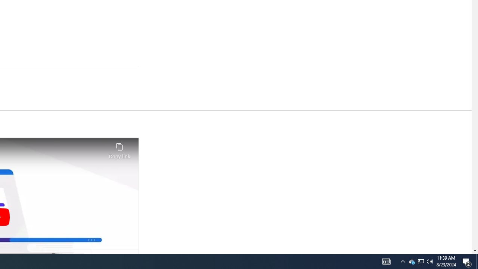 The height and width of the screenshot is (269, 478). Describe the element at coordinates (119, 149) in the screenshot. I see `'Copy link'` at that location.